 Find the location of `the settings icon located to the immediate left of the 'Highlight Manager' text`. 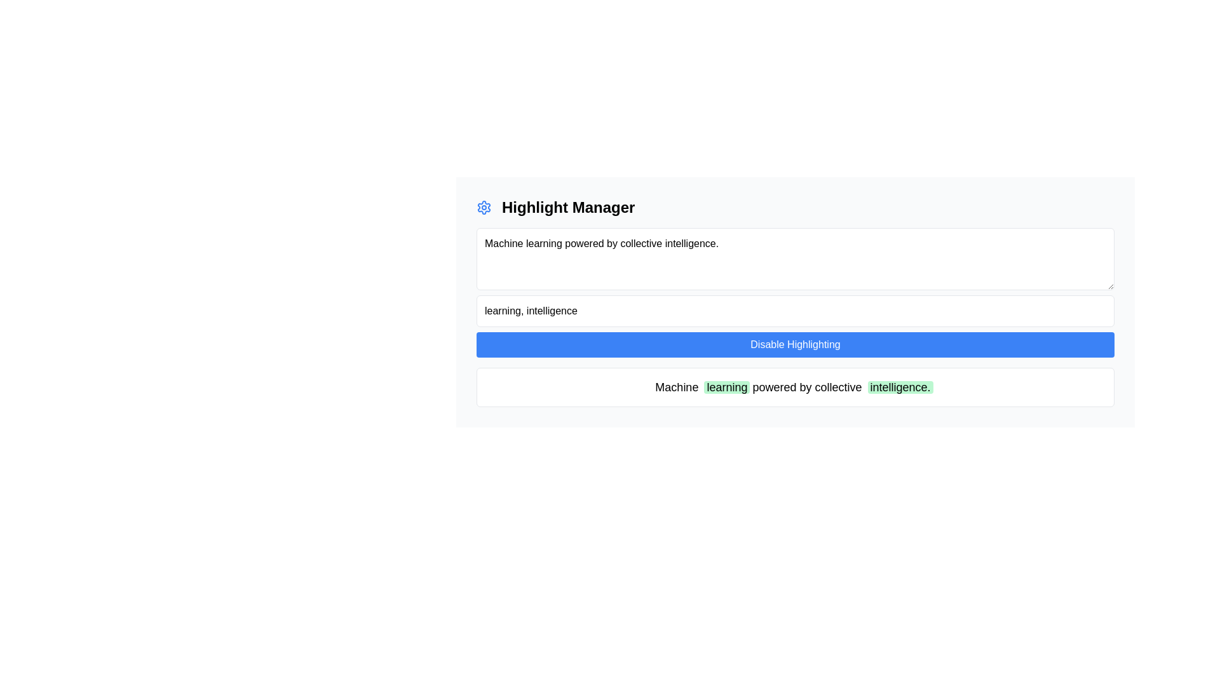

the settings icon located to the immediate left of the 'Highlight Manager' text is located at coordinates (484, 207).